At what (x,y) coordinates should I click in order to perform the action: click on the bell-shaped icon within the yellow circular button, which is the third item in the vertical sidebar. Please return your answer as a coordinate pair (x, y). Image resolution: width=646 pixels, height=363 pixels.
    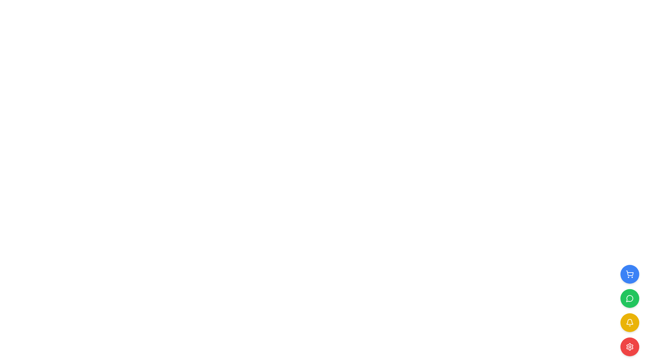
    Looking at the image, I should click on (630, 322).